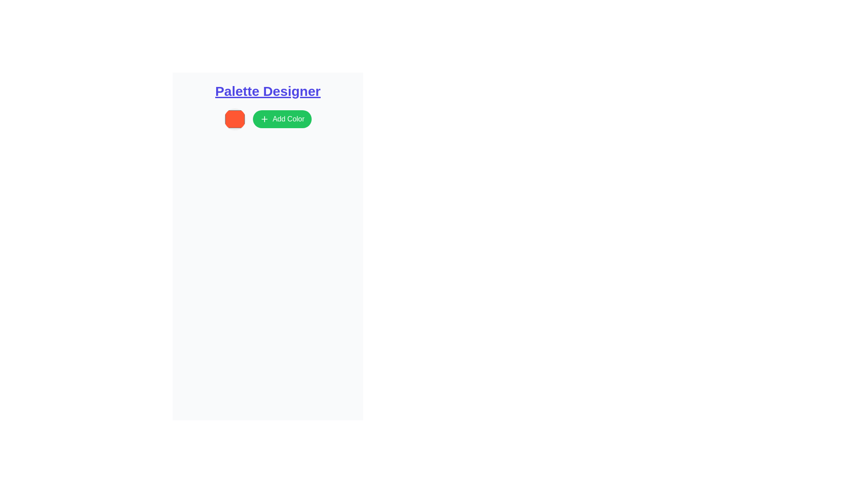 The image size is (861, 484). Describe the element at coordinates (264, 119) in the screenshot. I see `the green hollow plus sign icon located at the center of the 'Add Color' button` at that location.